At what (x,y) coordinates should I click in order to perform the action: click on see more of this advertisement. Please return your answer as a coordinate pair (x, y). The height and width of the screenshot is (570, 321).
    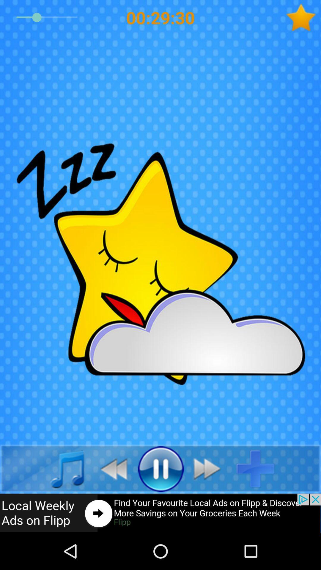
    Looking at the image, I should click on (160, 513).